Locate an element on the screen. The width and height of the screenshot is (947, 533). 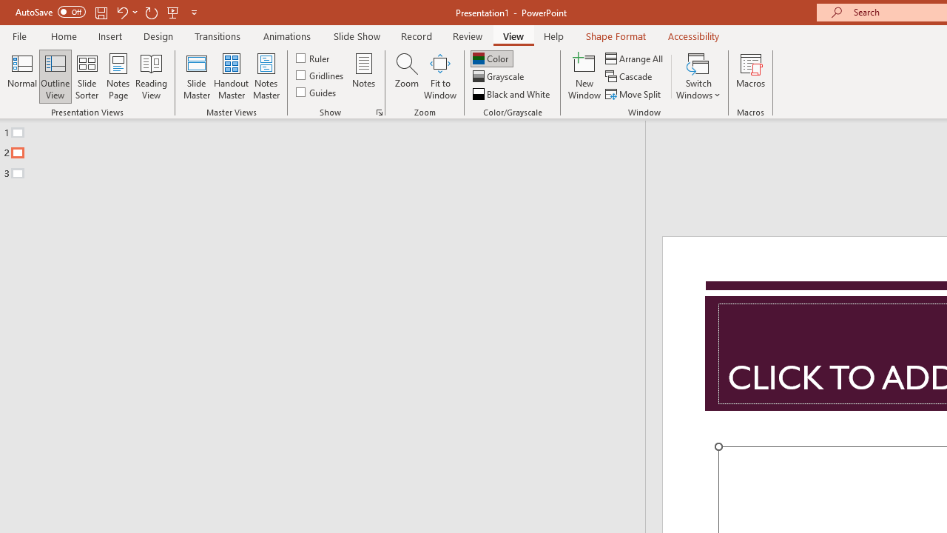
'Switch Windows' is located at coordinates (698, 76).